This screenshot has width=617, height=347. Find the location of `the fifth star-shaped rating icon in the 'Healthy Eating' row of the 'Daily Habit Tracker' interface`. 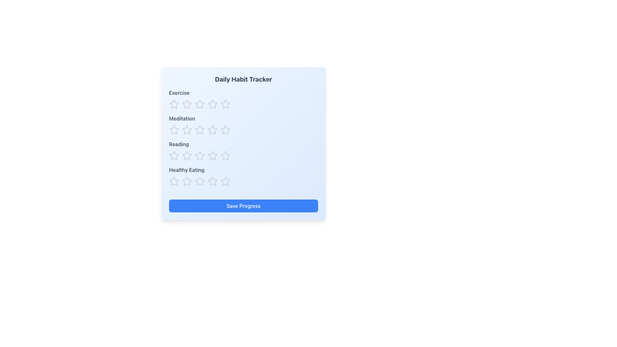

the fifth star-shaped rating icon in the 'Healthy Eating' row of the 'Daily Habit Tracker' interface is located at coordinates (225, 181).